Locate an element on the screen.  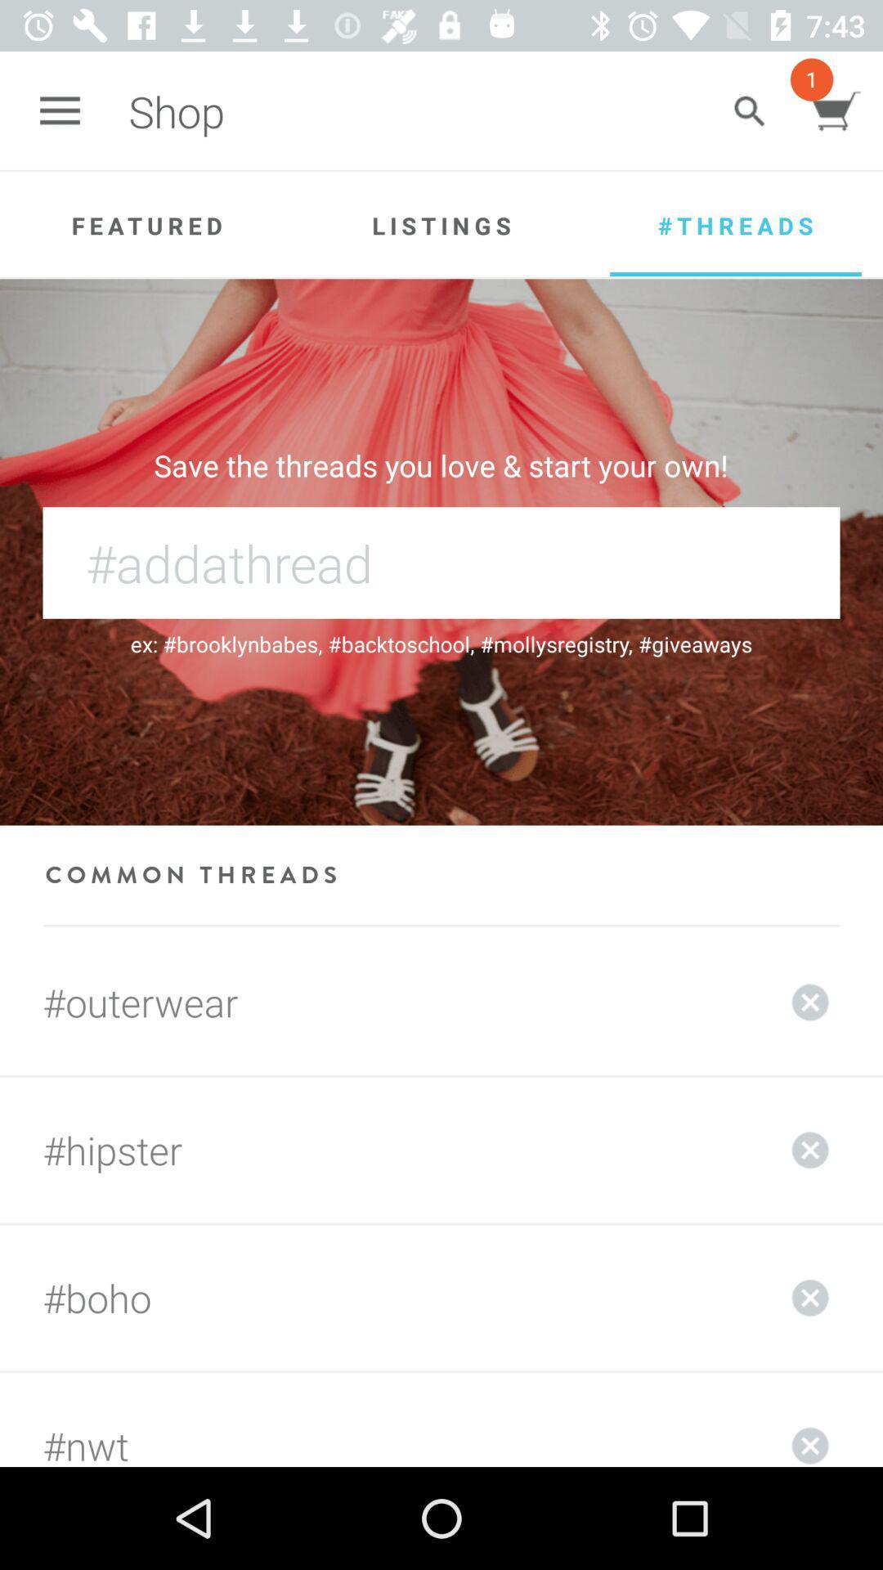
to delete the order is located at coordinates (810, 1001).